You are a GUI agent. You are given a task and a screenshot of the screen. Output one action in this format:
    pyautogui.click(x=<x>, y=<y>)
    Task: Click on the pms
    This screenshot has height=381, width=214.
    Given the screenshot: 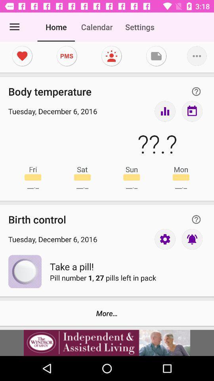 What is the action you would take?
    pyautogui.click(x=66, y=56)
    